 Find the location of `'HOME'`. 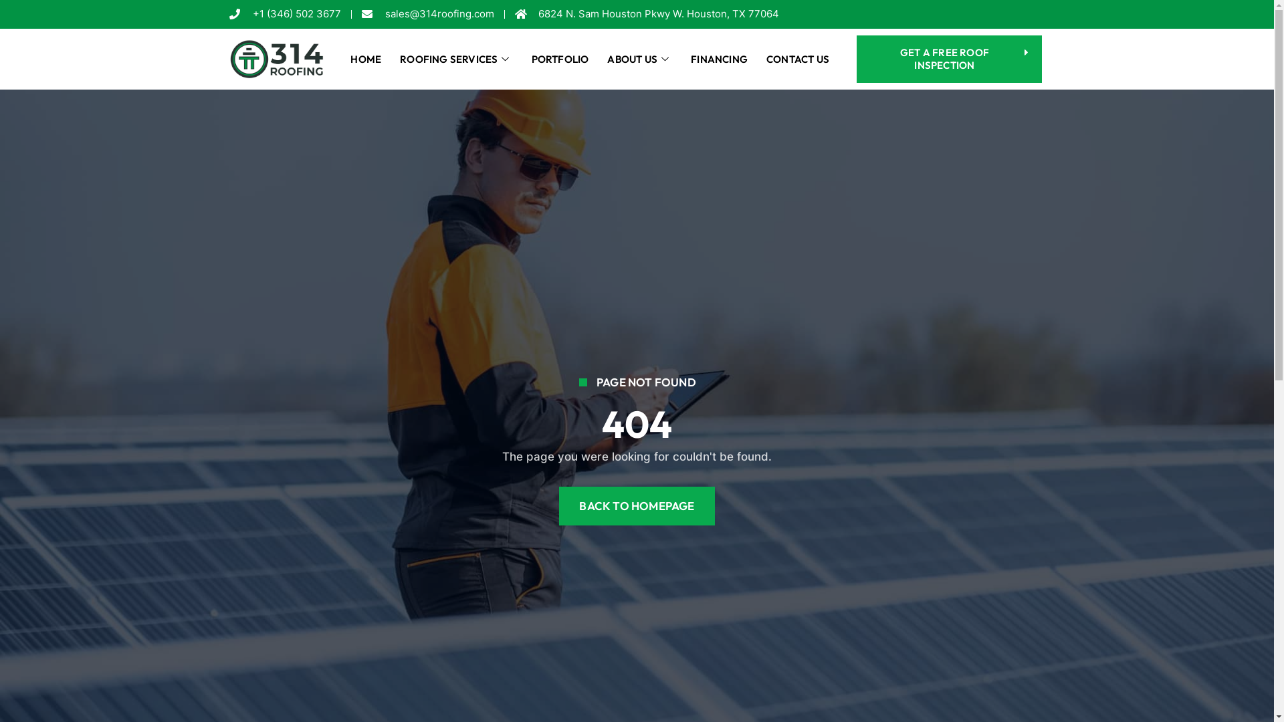

'HOME' is located at coordinates (366, 58).